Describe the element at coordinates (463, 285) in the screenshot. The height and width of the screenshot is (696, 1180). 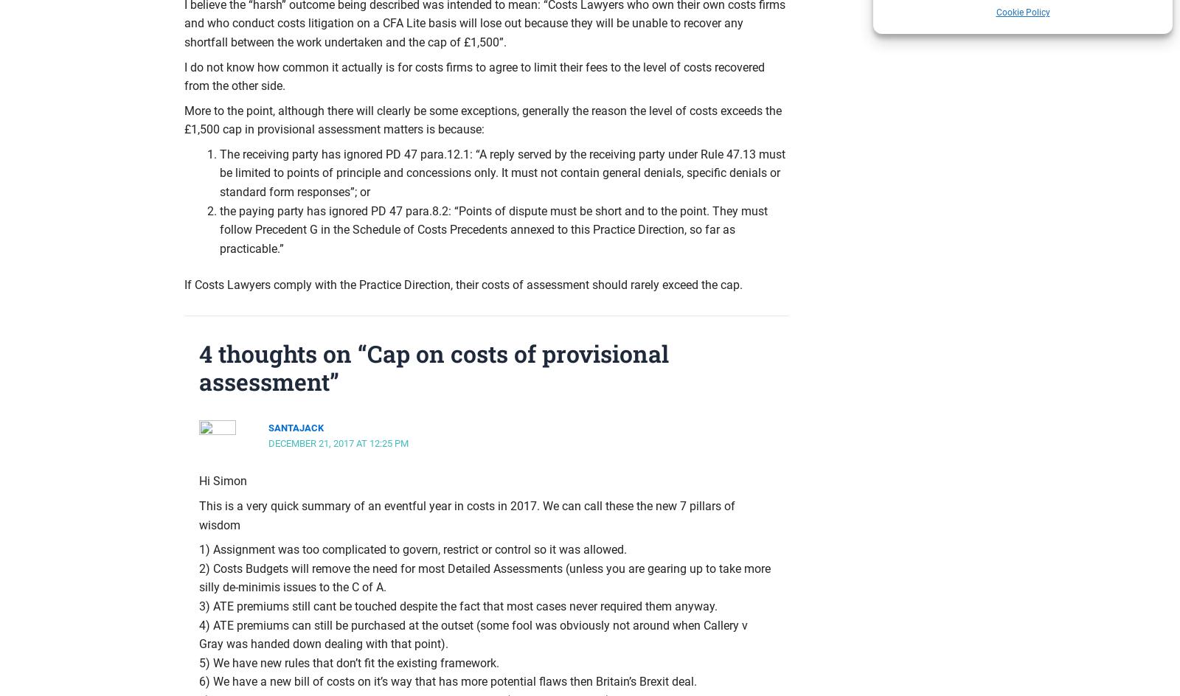
I see `'If Costs Lawyers comply with the Practice Direction, their costs of assessment should rarely exceed the cap.'` at that location.